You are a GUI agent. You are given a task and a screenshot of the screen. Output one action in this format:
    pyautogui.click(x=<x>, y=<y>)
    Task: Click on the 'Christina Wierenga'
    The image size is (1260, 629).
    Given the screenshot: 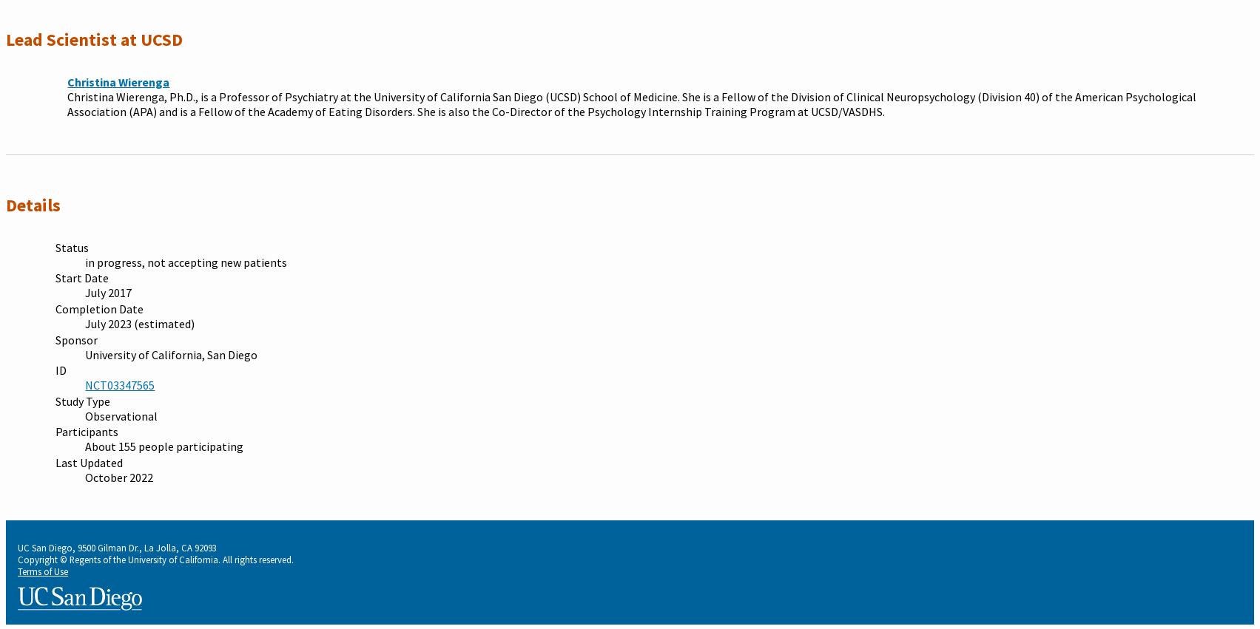 What is the action you would take?
    pyautogui.click(x=67, y=81)
    